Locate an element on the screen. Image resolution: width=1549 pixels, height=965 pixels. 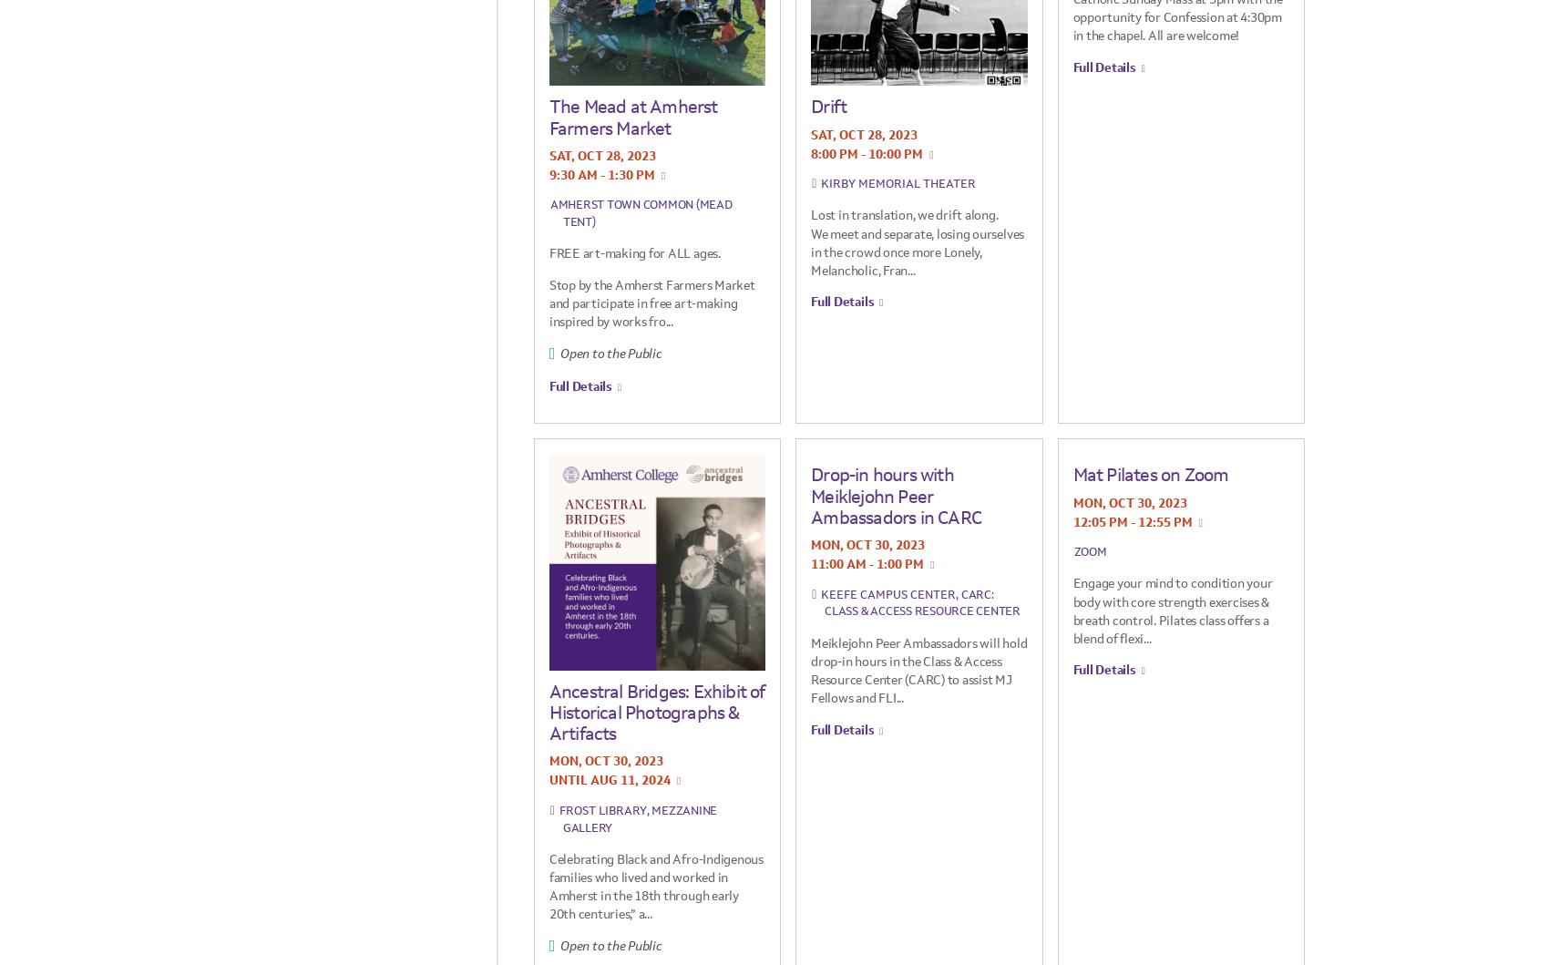
'Amherst Town Common (Mead Tent)' is located at coordinates (640, 213).